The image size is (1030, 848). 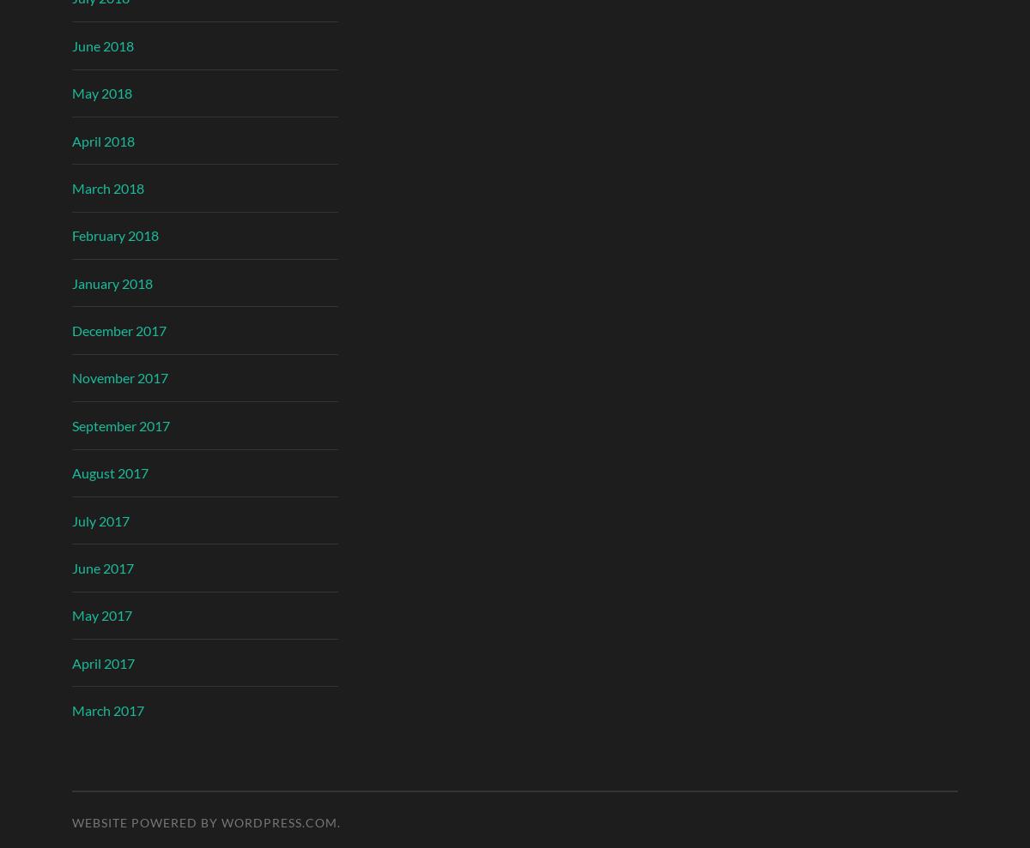 I want to click on 'March 2018', so click(x=108, y=187).